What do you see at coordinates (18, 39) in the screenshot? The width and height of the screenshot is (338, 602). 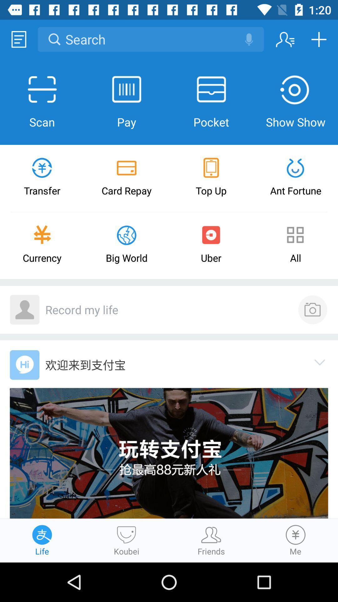 I see `the button on top left of page` at bounding box center [18, 39].